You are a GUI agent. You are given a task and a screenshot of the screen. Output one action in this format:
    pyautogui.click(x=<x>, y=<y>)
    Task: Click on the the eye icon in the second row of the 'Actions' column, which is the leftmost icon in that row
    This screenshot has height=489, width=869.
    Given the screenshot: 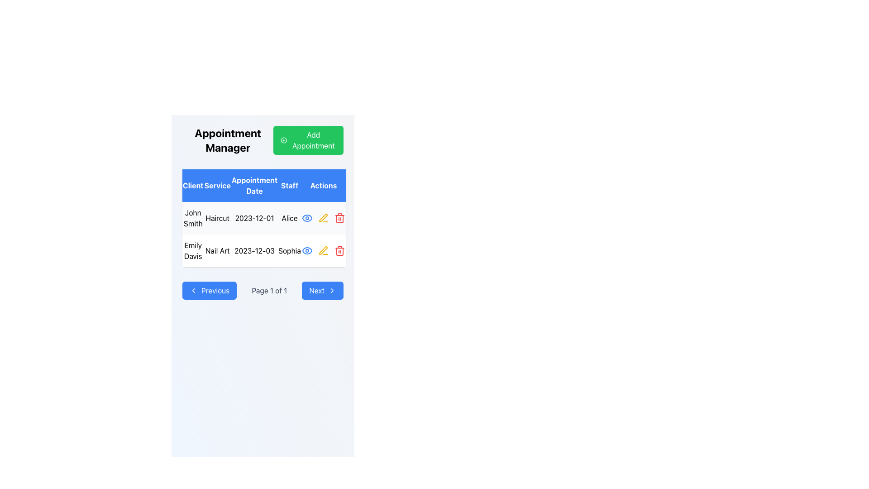 What is the action you would take?
    pyautogui.click(x=307, y=218)
    